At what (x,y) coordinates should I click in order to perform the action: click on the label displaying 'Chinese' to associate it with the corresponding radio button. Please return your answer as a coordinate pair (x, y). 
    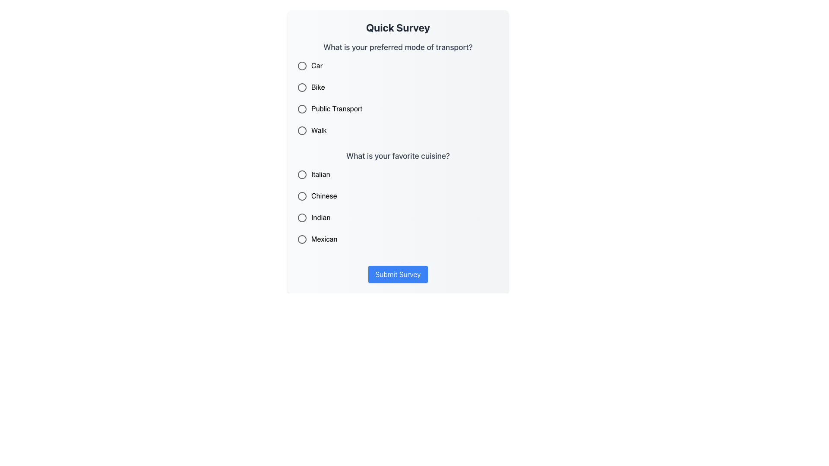
    Looking at the image, I should click on (323, 196).